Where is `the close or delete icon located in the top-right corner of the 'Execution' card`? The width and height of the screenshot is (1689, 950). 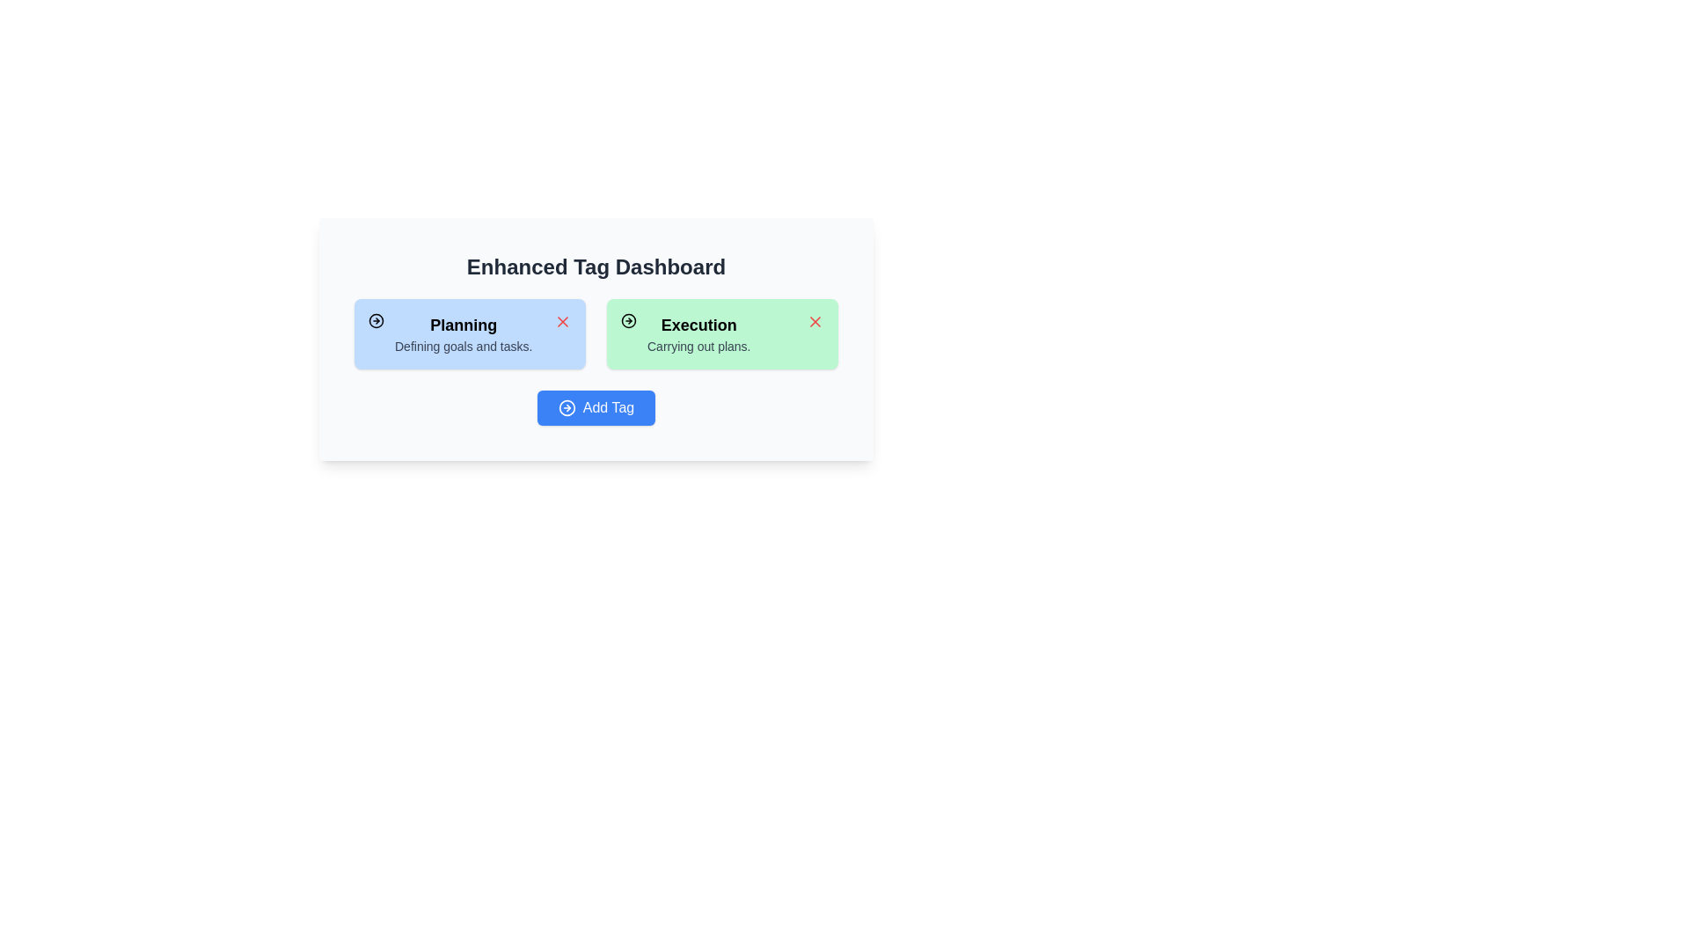
the close or delete icon located in the top-right corner of the 'Execution' card is located at coordinates (814, 322).